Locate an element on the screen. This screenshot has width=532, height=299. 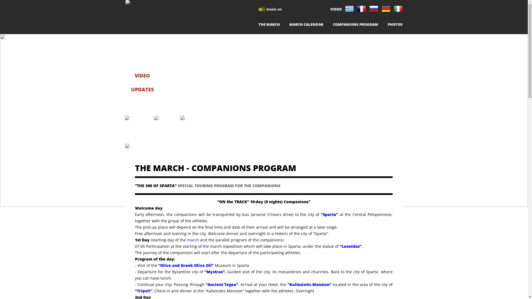
'THE MARCH' is located at coordinates (269, 25).